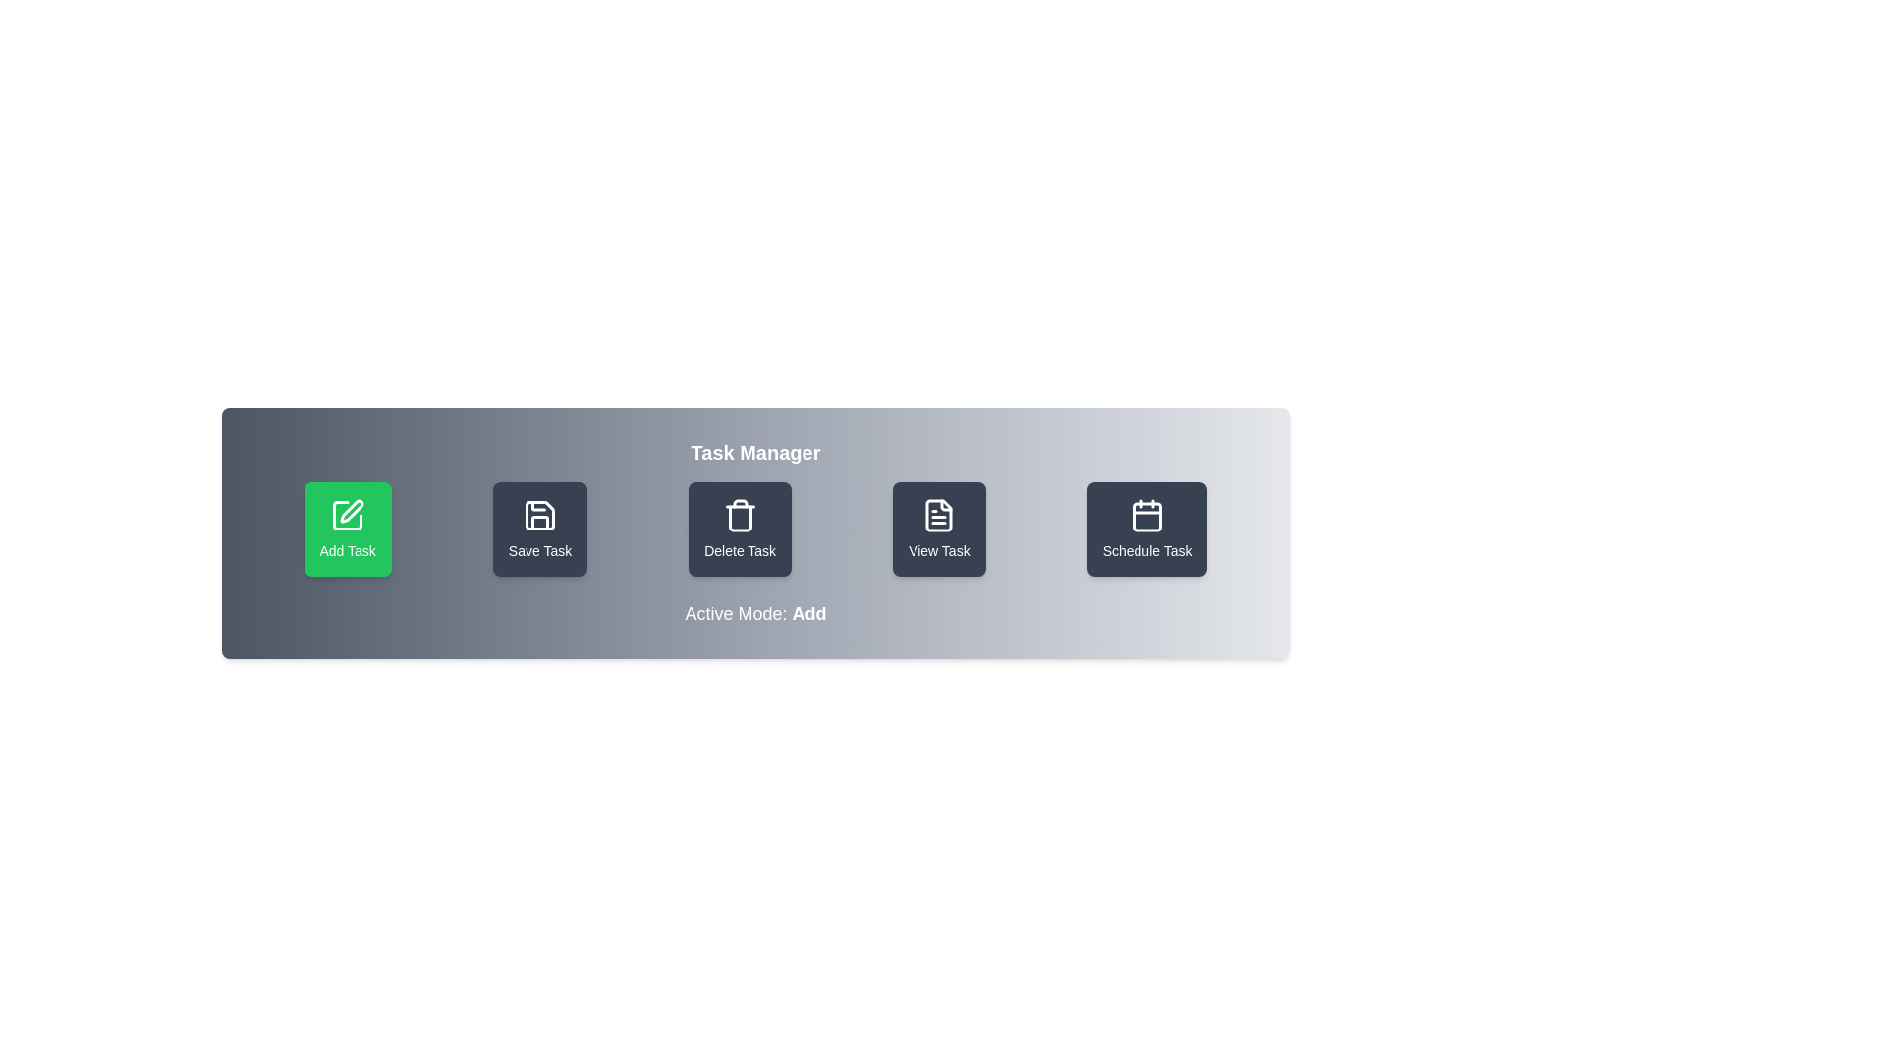 This screenshot has height=1061, width=1886. What do you see at coordinates (739, 529) in the screenshot?
I see `the button labeled 'Delete Task' to observe its hover effect` at bounding box center [739, 529].